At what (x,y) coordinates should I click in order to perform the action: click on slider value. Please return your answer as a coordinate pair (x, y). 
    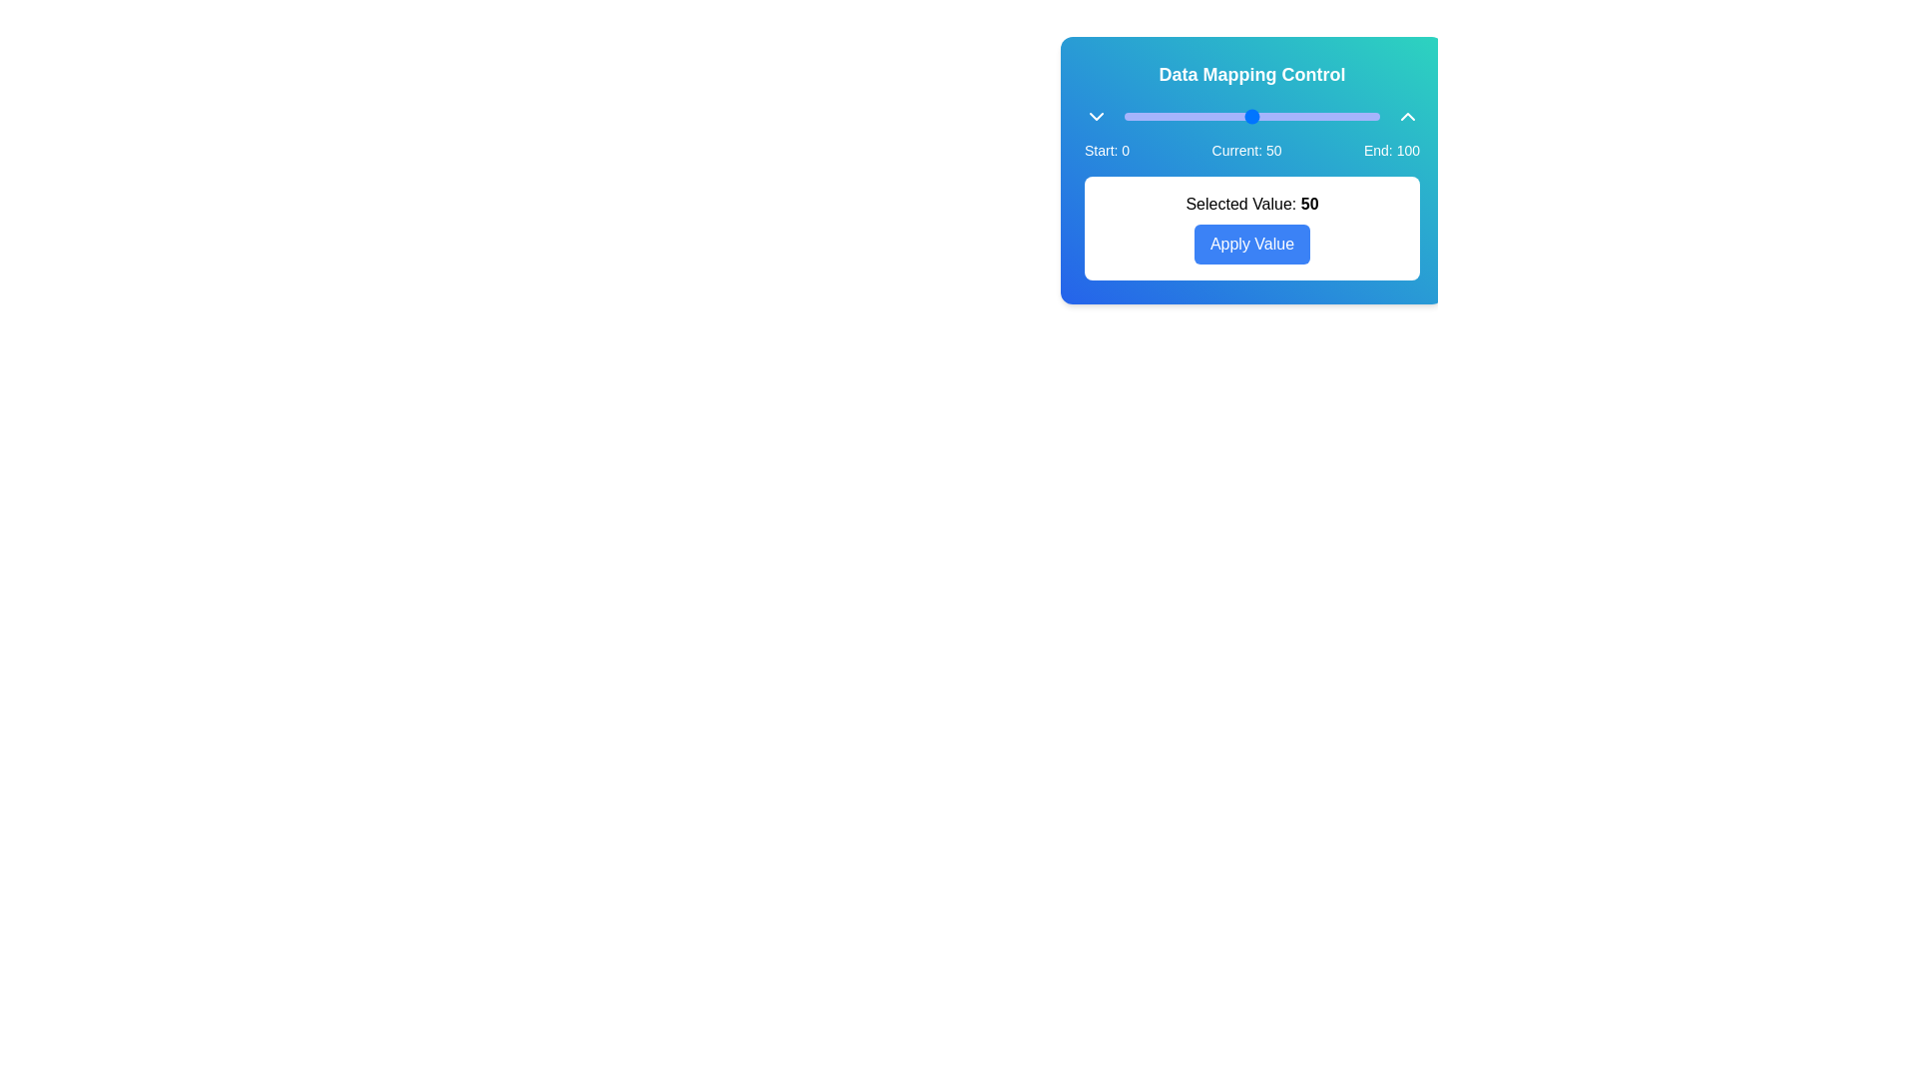
    Looking at the image, I should click on (1243, 112).